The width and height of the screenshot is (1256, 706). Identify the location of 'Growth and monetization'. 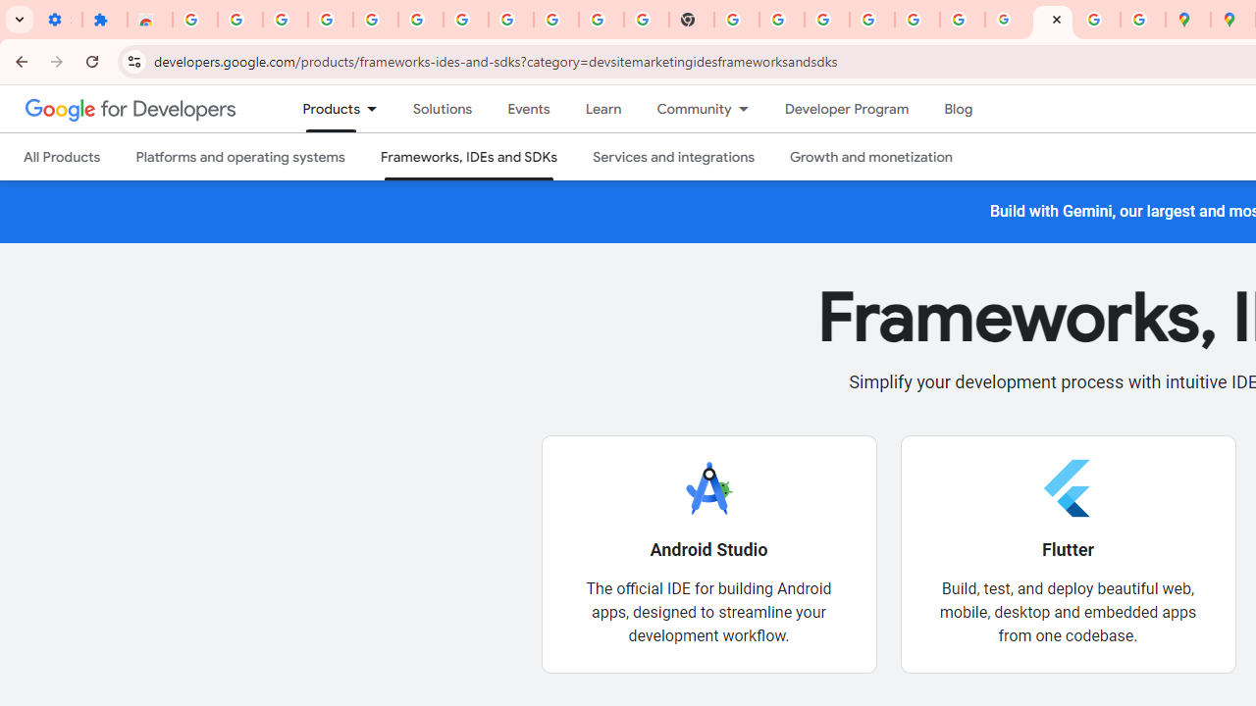
(870, 156).